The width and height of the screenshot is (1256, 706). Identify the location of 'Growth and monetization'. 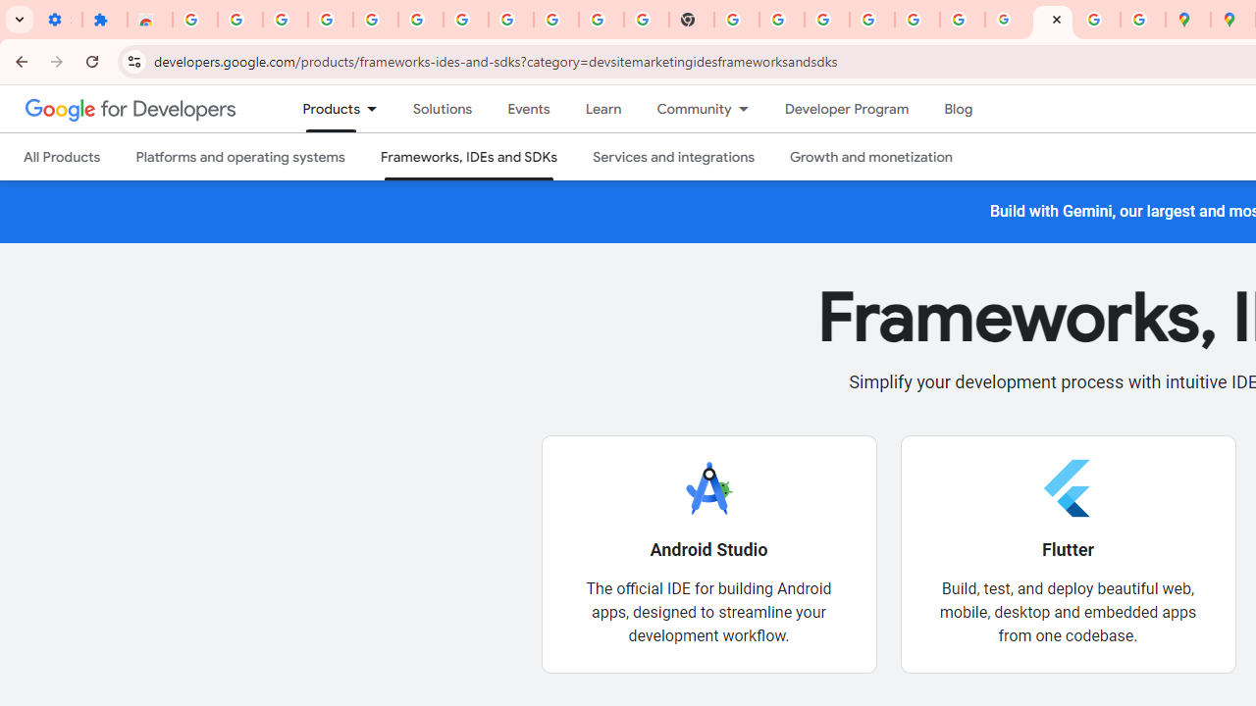
(870, 156).